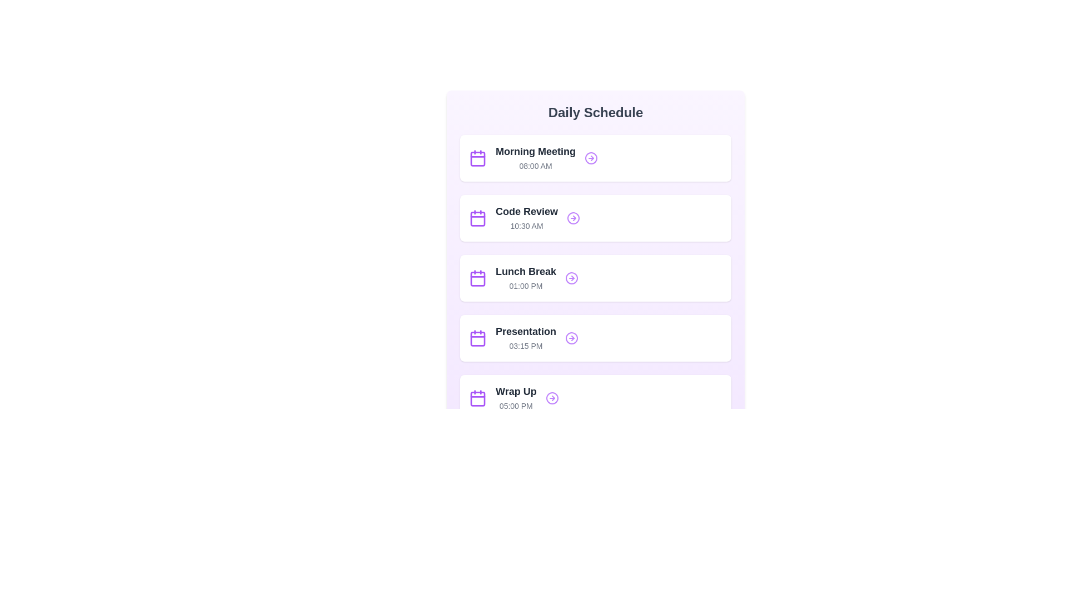 The height and width of the screenshot is (600, 1067). What do you see at coordinates (525, 346) in the screenshot?
I see `the Text Label displaying the scheduled time for the event labeled 'Presentation', located within the 'Presentation' schedule card` at bounding box center [525, 346].